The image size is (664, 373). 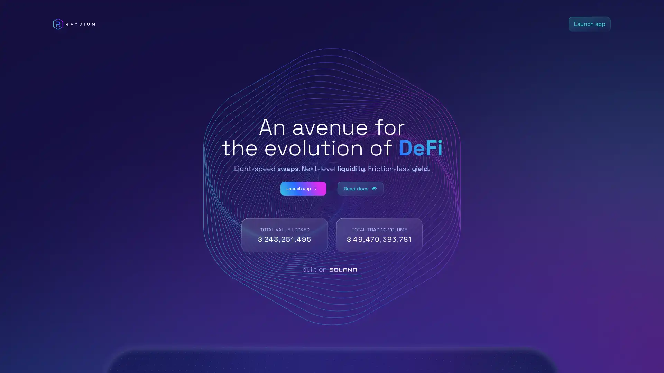 What do you see at coordinates (589, 23) in the screenshot?
I see `Launch app` at bounding box center [589, 23].